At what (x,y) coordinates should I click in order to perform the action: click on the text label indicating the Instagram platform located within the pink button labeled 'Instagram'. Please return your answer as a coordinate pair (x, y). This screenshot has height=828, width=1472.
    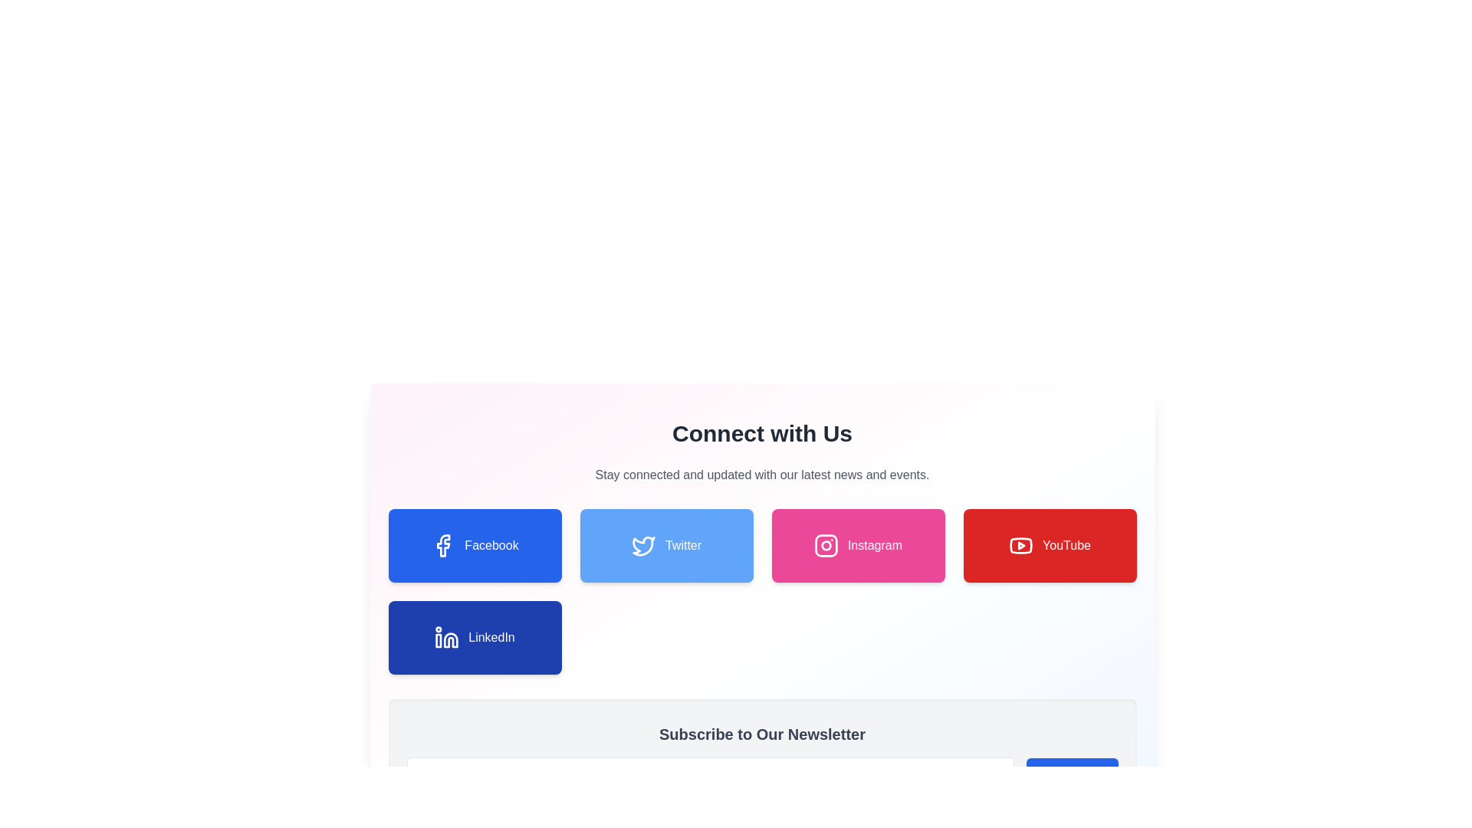
    Looking at the image, I should click on (875, 545).